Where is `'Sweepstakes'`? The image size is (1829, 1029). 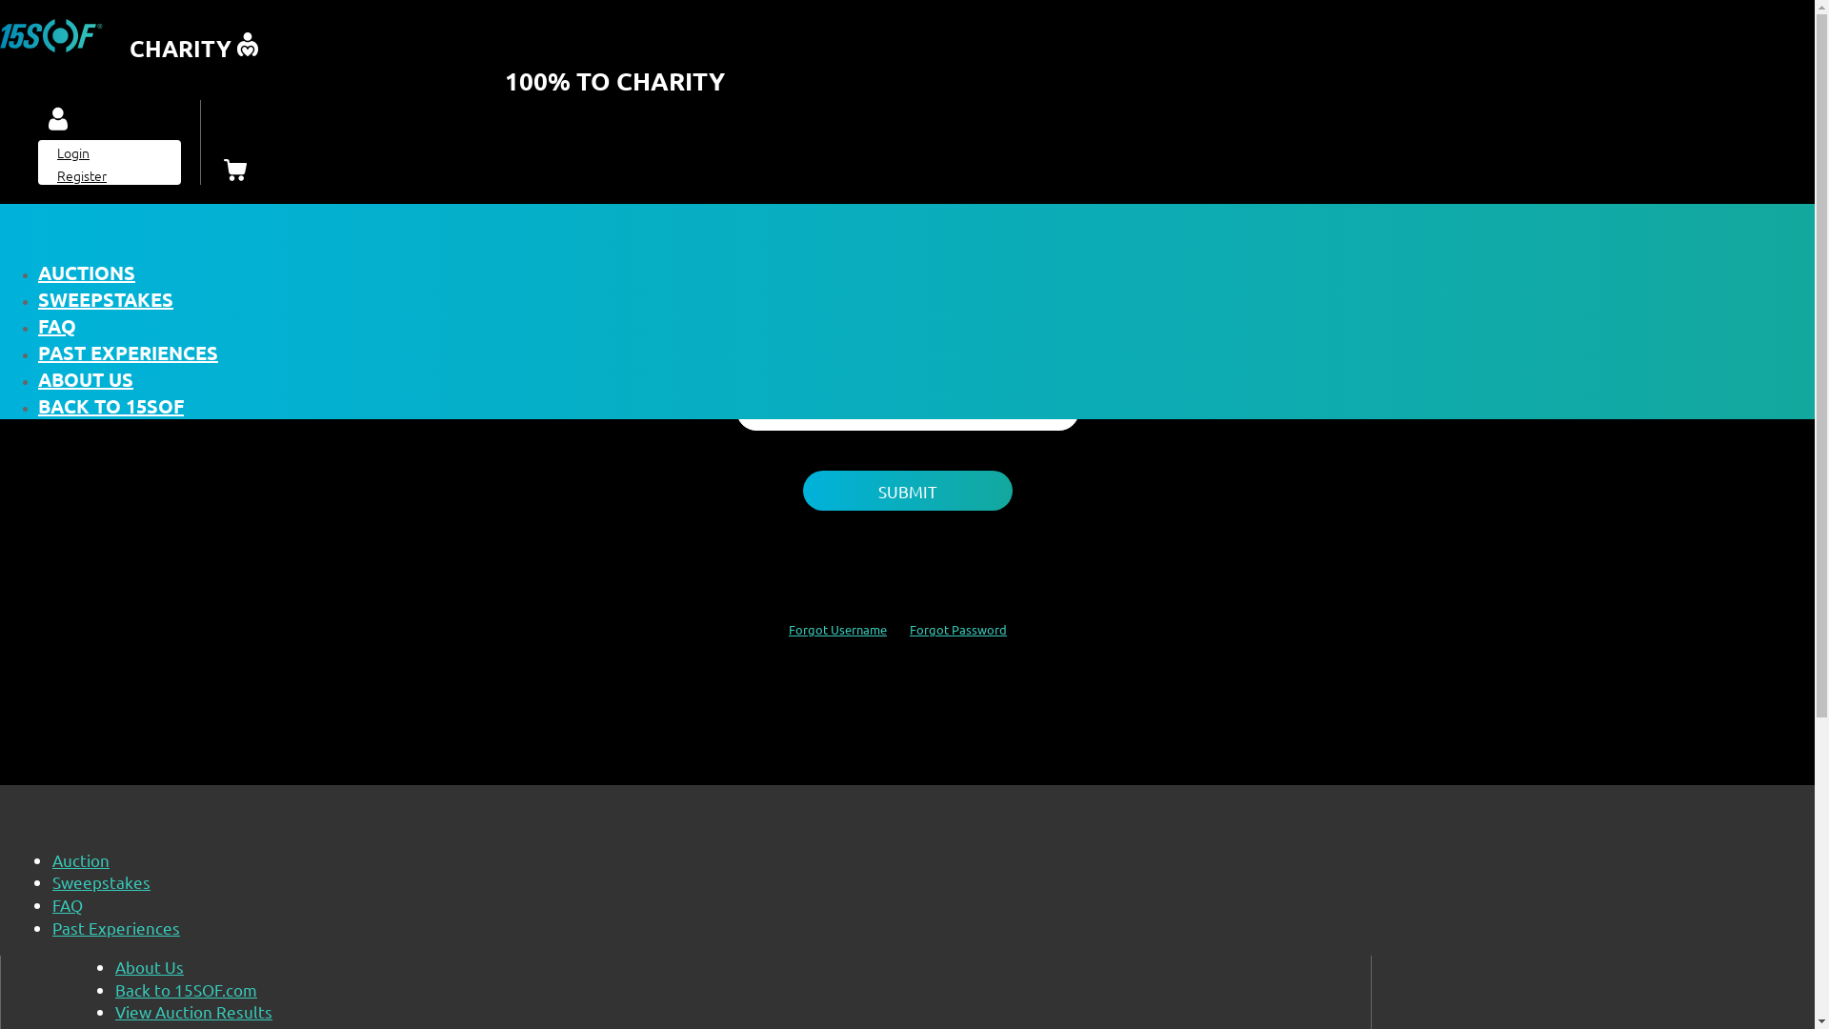
'Sweepstakes' is located at coordinates (100, 881).